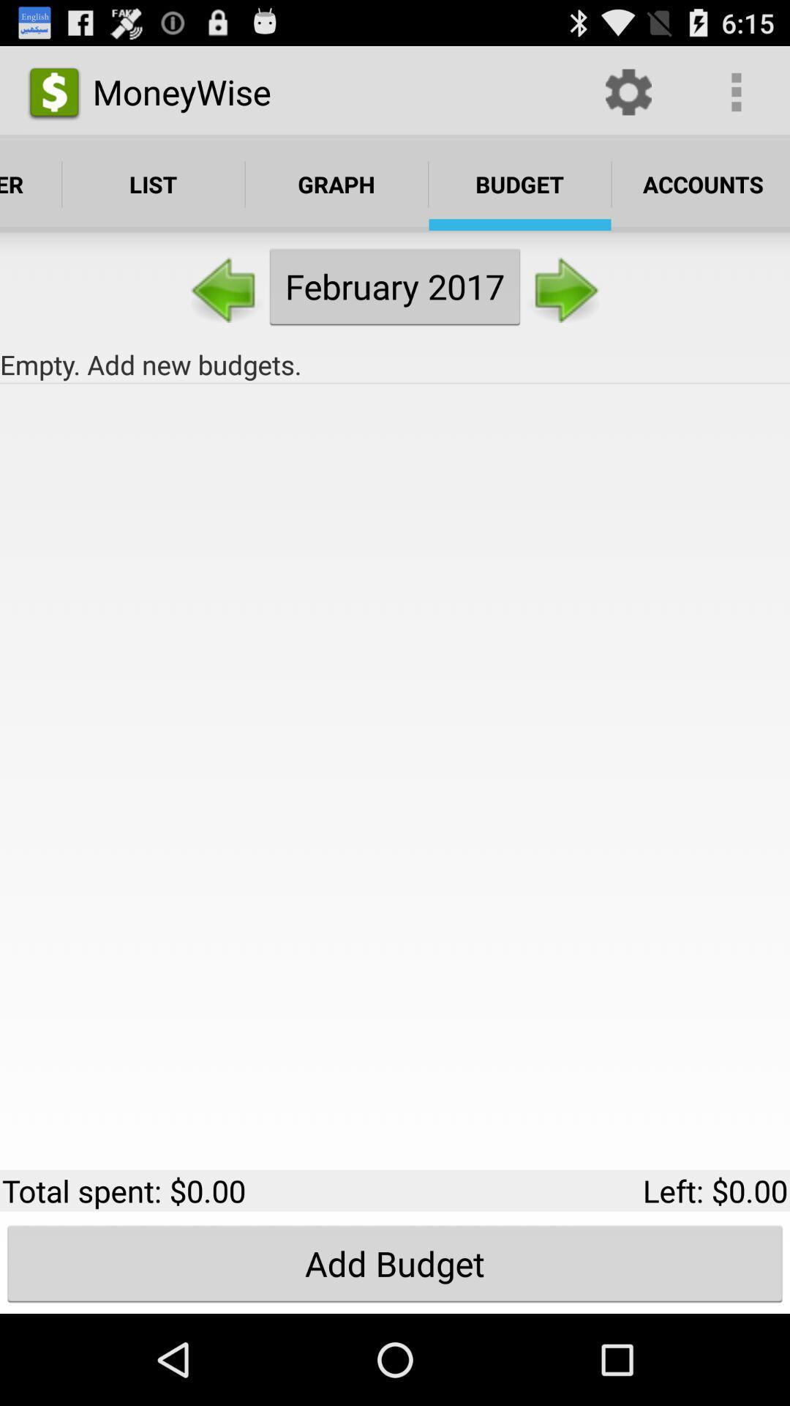  Describe the element at coordinates (395, 286) in the screenshot. I see `app below graph` at that location.